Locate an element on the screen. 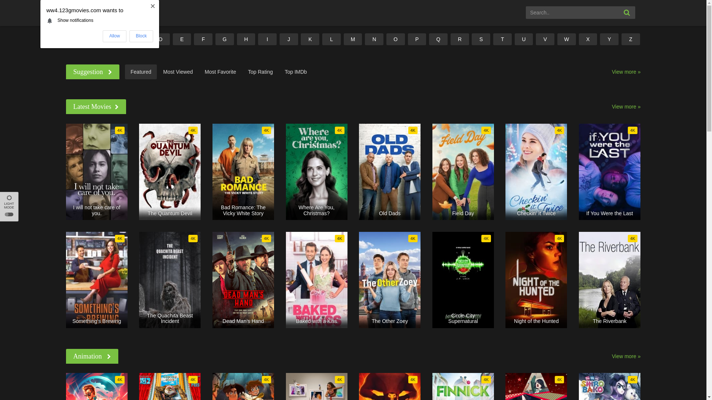 The height and width of the screenshot is (400, 712). '4K is located at coordinates (609, 280).